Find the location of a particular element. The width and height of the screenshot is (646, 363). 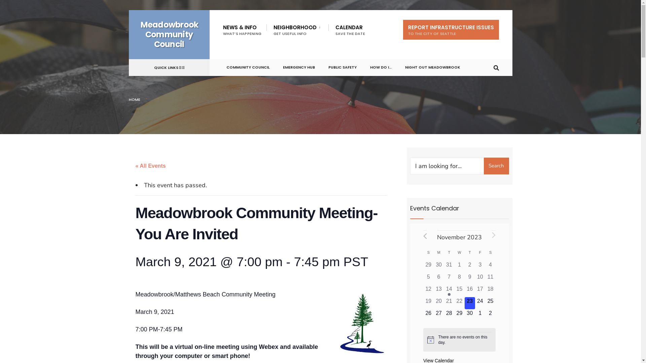

'0 events, is located at coordinates (459, 303).